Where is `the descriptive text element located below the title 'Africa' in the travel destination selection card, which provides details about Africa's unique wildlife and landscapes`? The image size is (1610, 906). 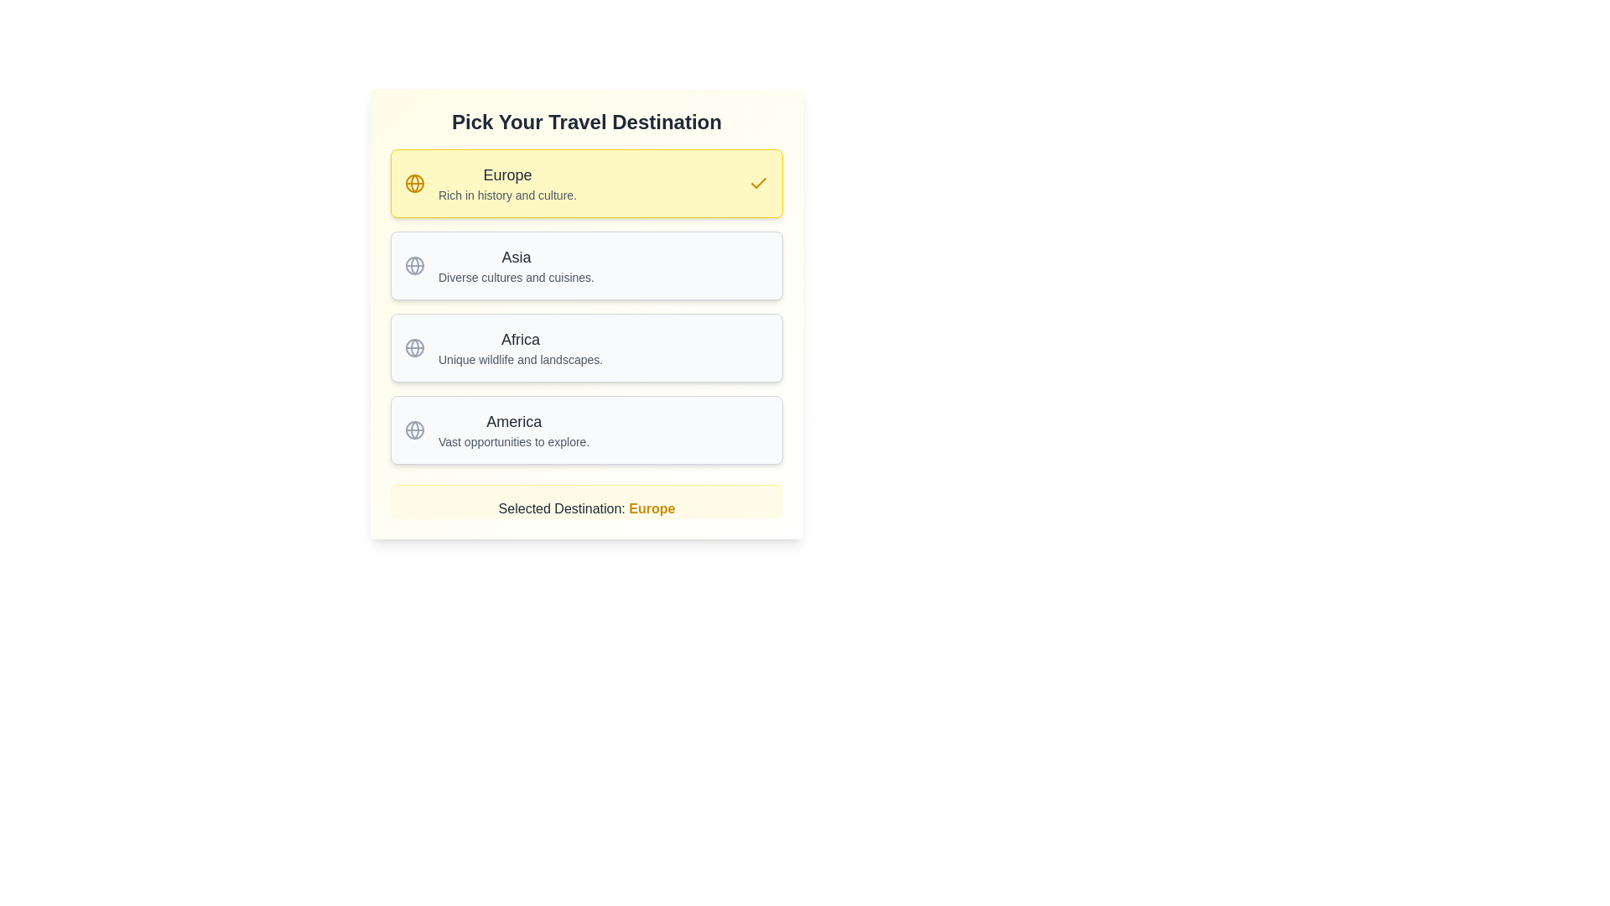 the descriptive text element located below the title 'Africa' in the travel destination selection card, which provides details about Africa's unique wildlife and landscapes is located at coordinates (520, 358).